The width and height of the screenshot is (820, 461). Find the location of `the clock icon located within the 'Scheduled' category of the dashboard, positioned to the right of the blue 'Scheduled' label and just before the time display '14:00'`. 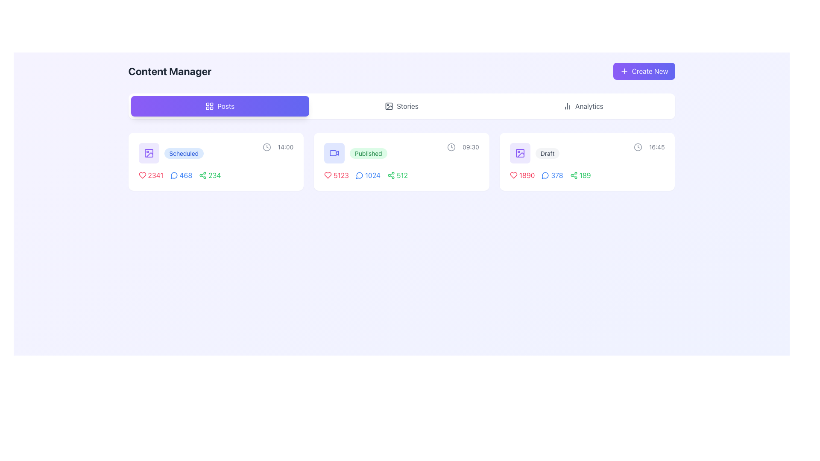

the clock icon located within the 'Scheduled' category of the dashboard, positioned to the right of the blue 'Scheduled' label and just before the time display '14:00' is located at coordinates (266, 146).